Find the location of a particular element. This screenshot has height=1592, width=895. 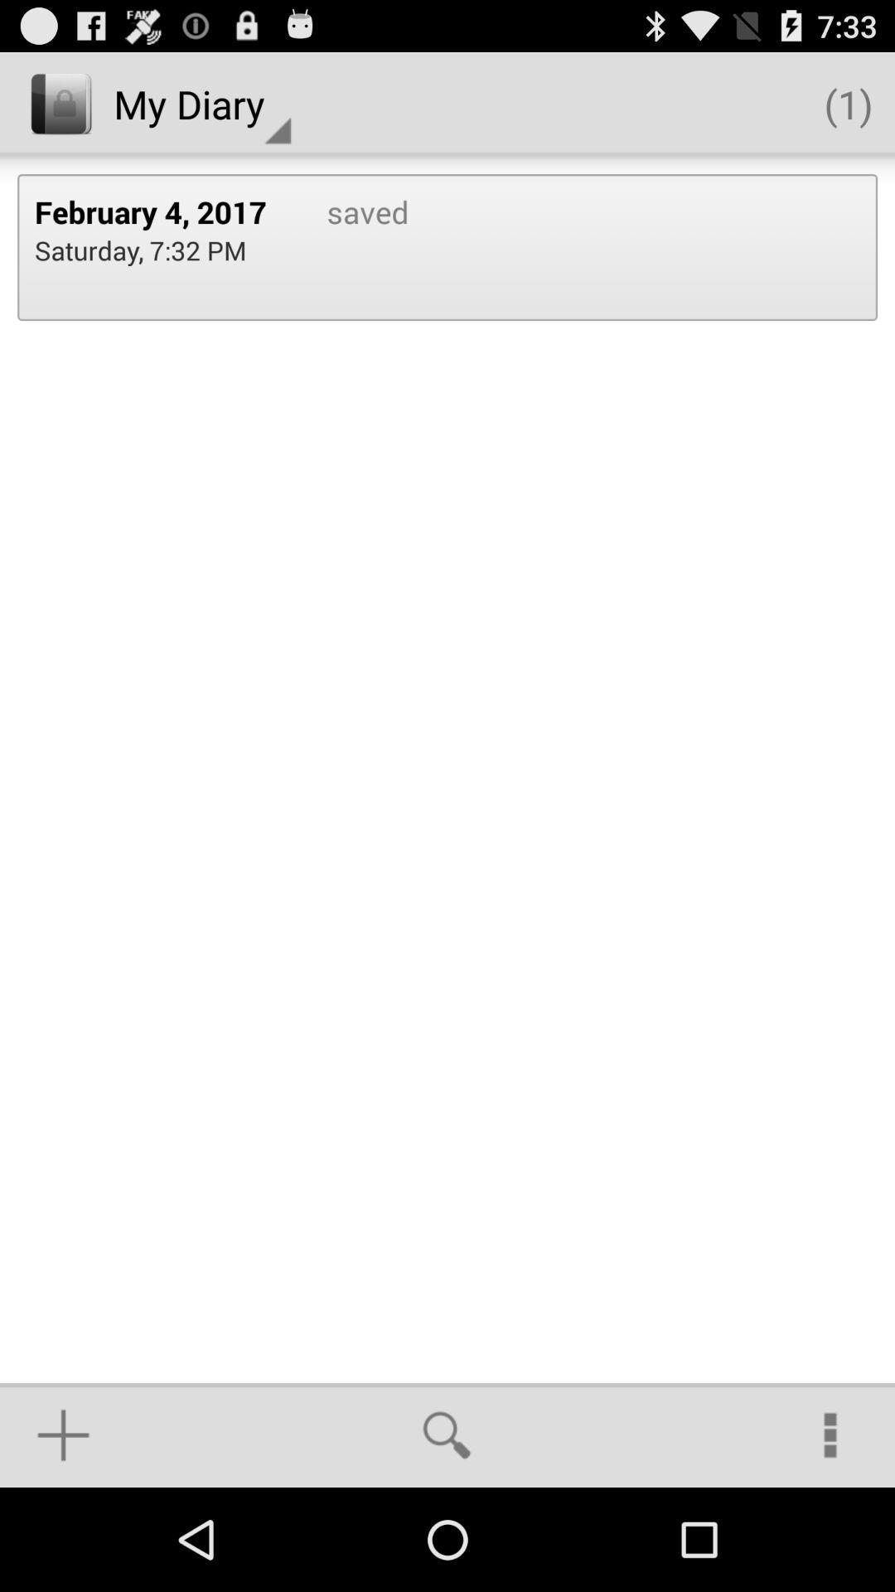

the icon next to the saved item is located at coordinates (163, 211).